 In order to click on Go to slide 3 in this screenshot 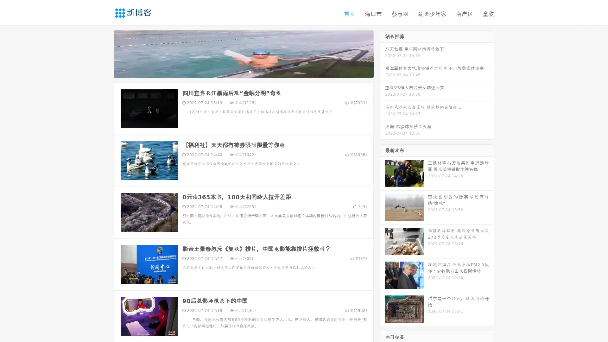, I will do `click(250, 71)`.